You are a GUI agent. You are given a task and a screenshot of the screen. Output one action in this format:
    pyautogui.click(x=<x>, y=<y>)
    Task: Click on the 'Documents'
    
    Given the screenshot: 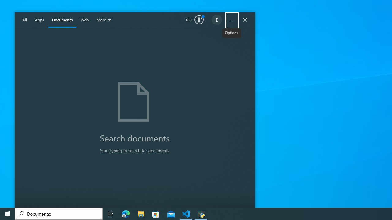 What is the action you would take?
    pyautogui.click(x=62, y=20)
    